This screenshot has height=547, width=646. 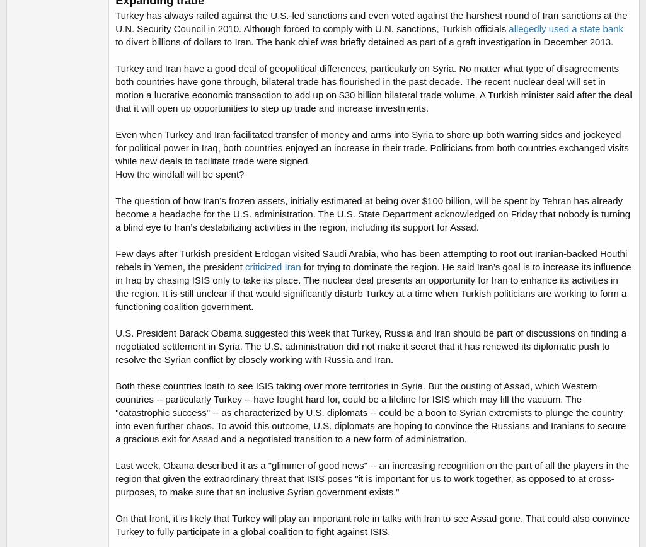 I want to click on 'How the windfall will be spent?', so click(x=114, y=174).